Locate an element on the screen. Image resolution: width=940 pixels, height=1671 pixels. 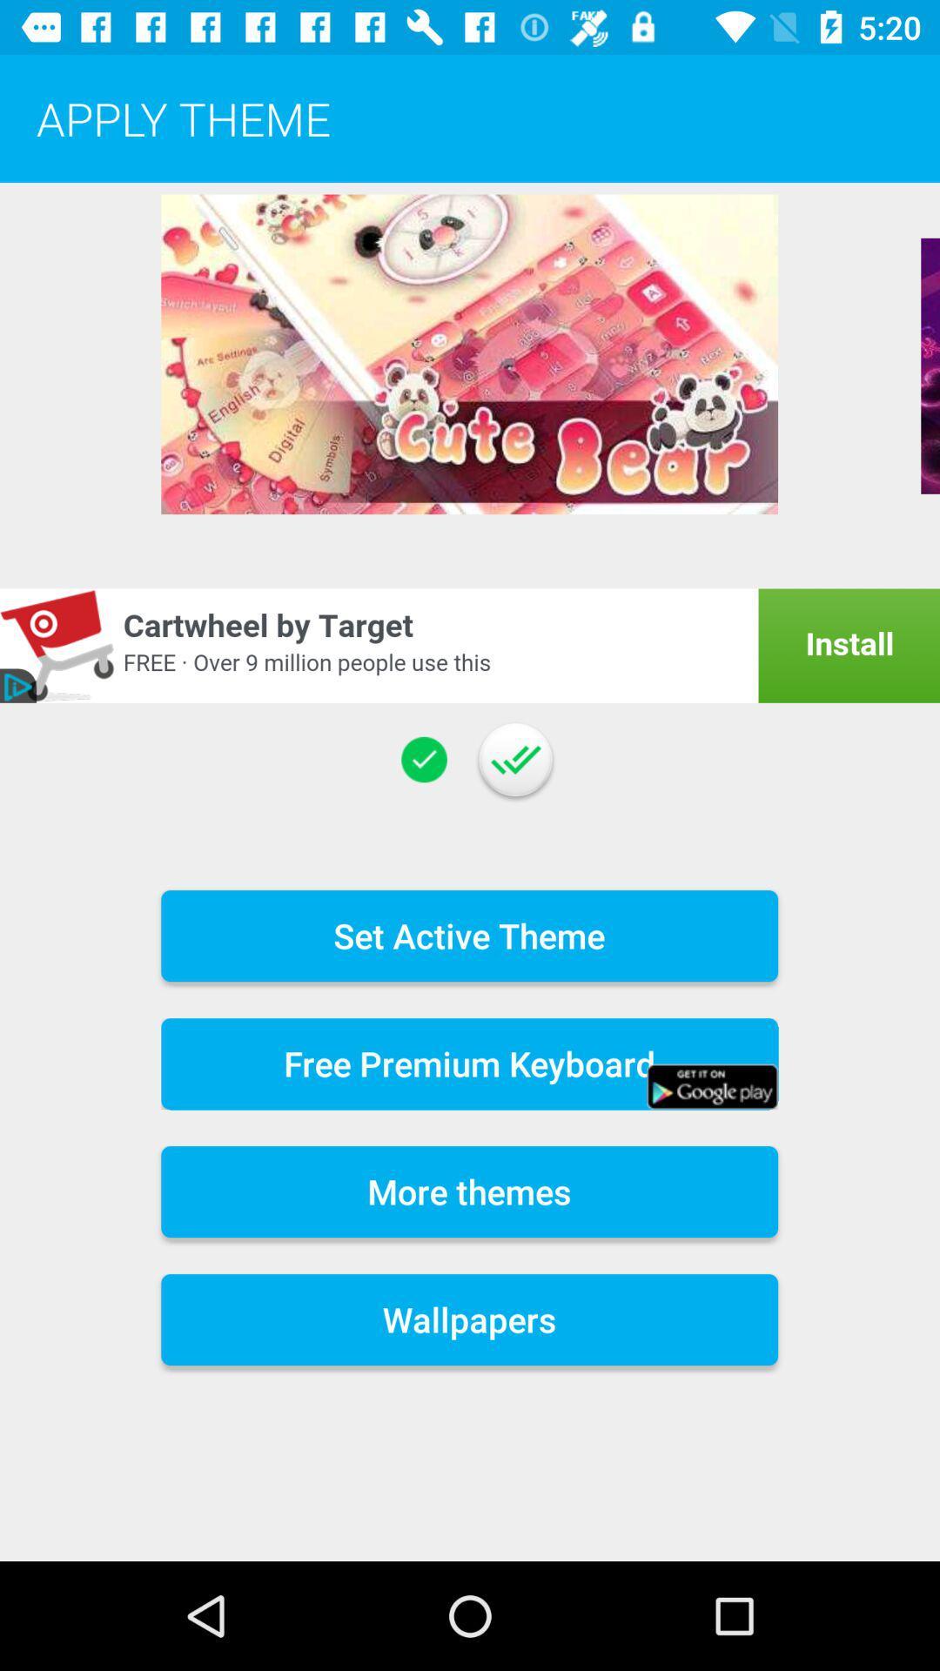
the icon above the wallpapers is located at coordinates (468, 1191).